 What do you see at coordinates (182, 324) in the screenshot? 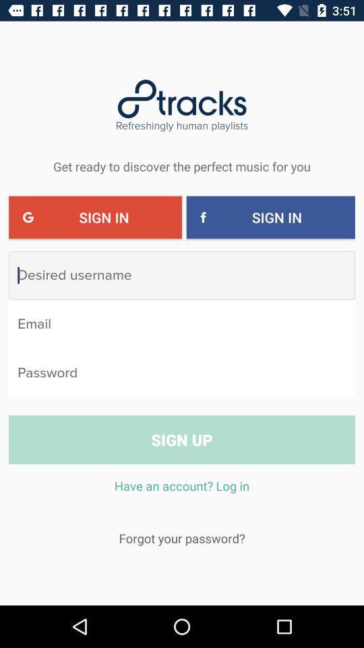
I see `type your email` at bounding box center [182, 324].